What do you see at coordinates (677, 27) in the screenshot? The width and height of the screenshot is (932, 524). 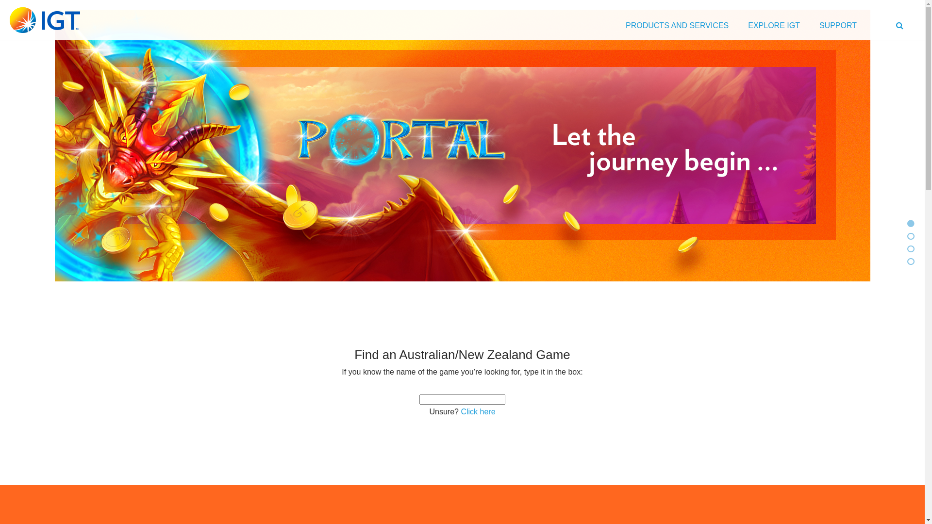 I see `'PRODUCTS AND SERVICES'` at bounding box center [677, 27].